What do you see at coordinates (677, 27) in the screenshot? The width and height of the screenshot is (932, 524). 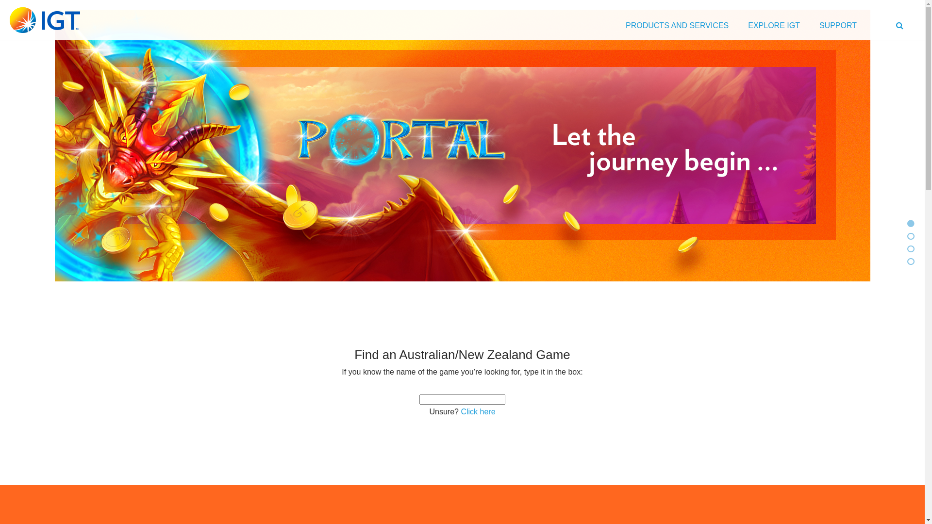 I see `'PRODUCTS AND SERVICES'` at bounding box center [677, 27].